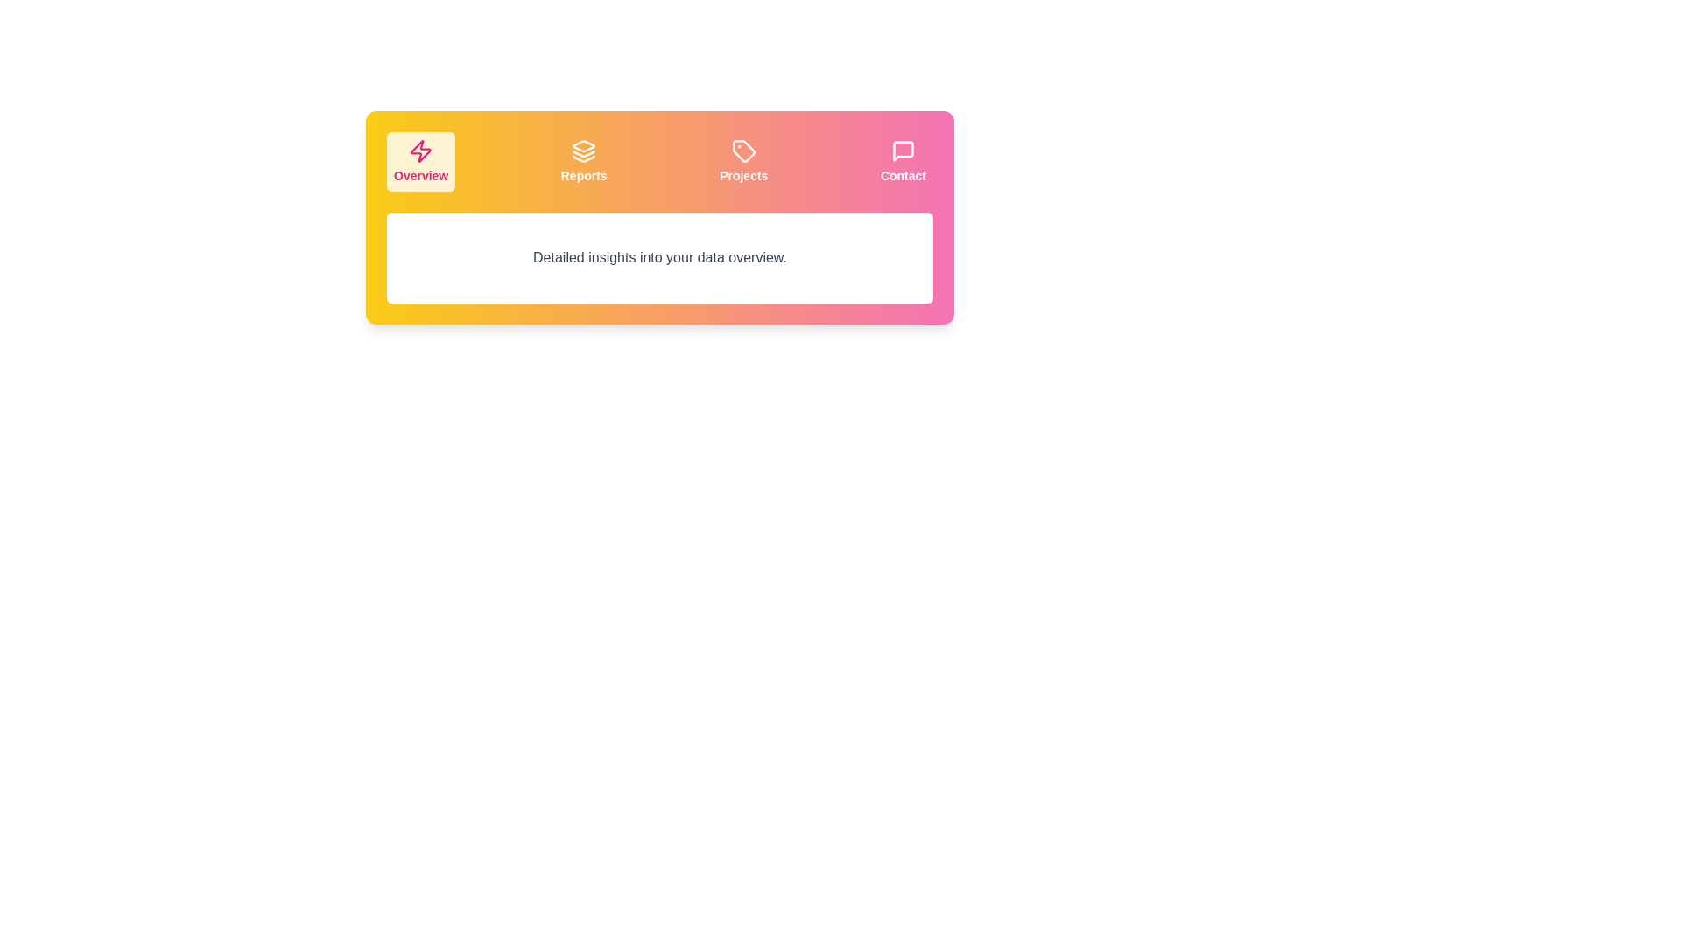  What do you see at coordinates (421, 175) in the screenshot?
I see `the text label displaying 'Overview' in bold pink font, located beneath a lightning bolt icon and enclosed in a white rounded rectangle with a yellow background` at bounding box center [421, 175].